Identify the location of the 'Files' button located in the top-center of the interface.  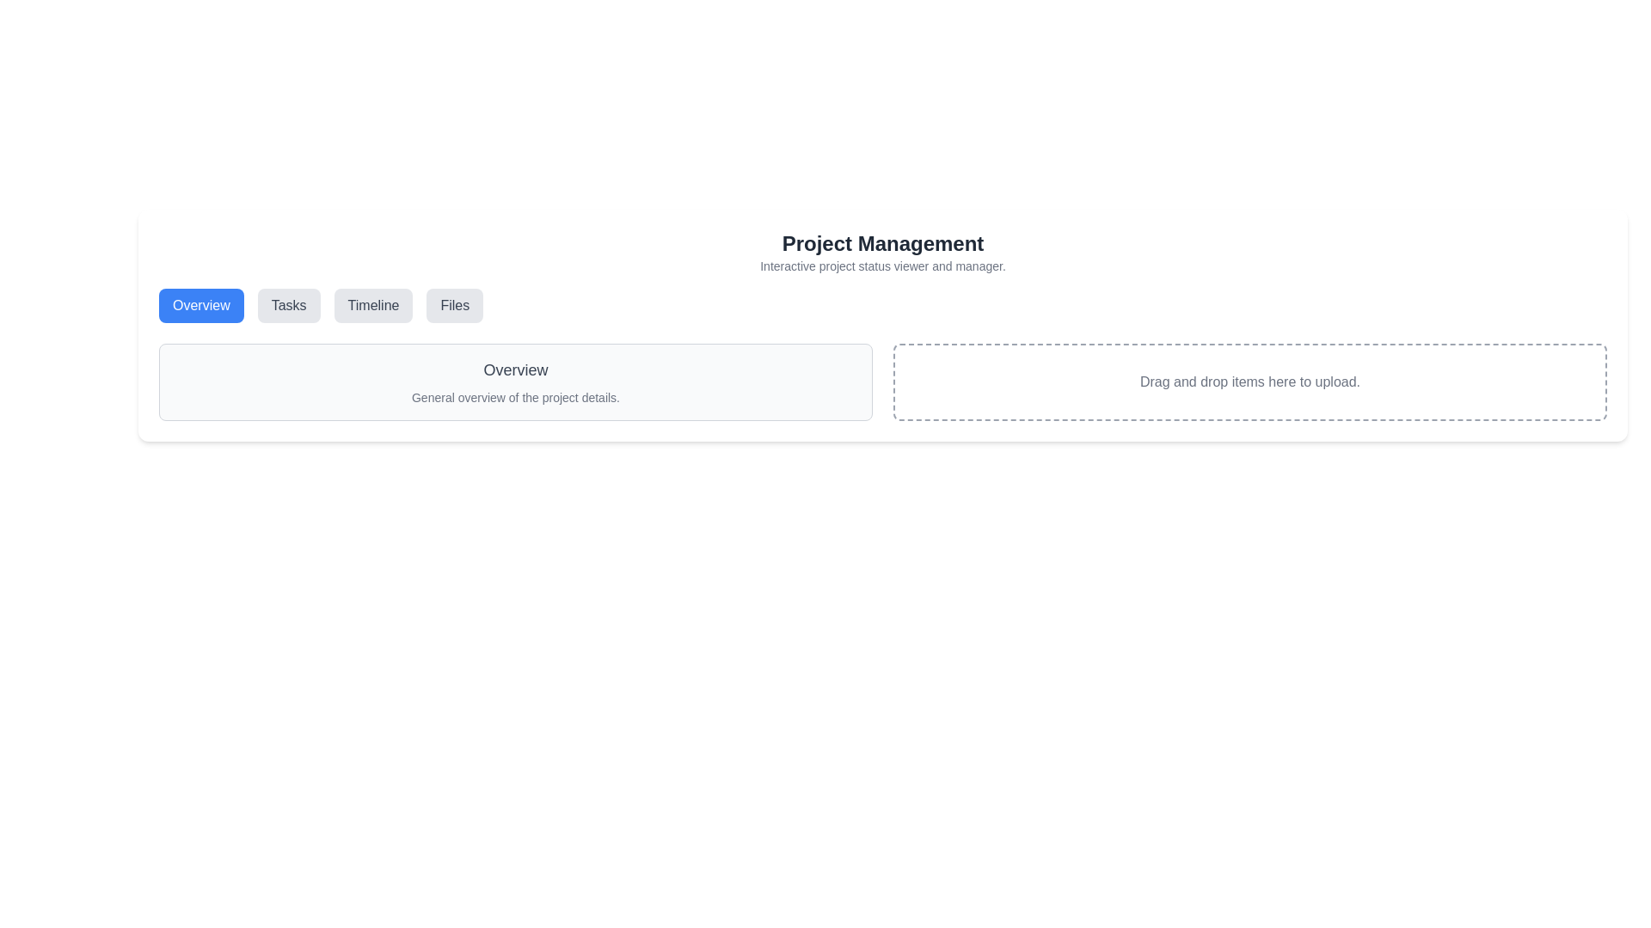
(455, 304).